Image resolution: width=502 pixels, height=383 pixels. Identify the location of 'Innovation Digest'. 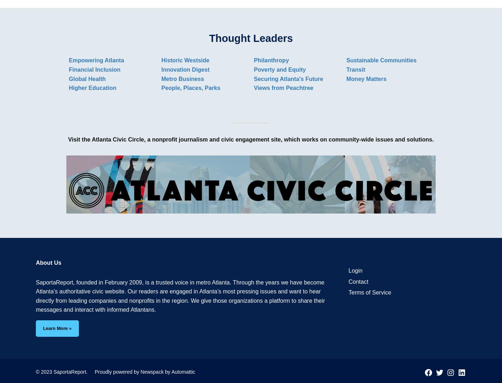
(185, 70).